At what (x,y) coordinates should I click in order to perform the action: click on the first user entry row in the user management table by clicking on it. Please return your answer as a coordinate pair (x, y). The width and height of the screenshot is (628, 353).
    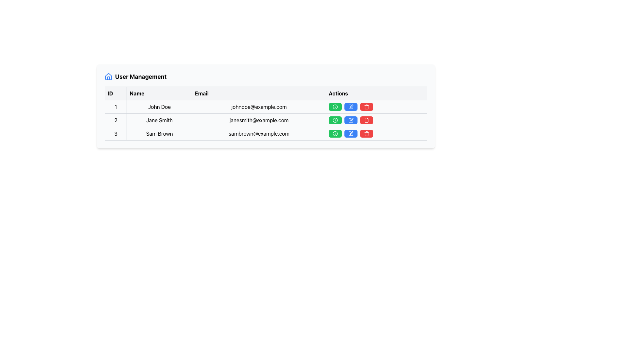
    Looking at the image, I should click on (266, 107).